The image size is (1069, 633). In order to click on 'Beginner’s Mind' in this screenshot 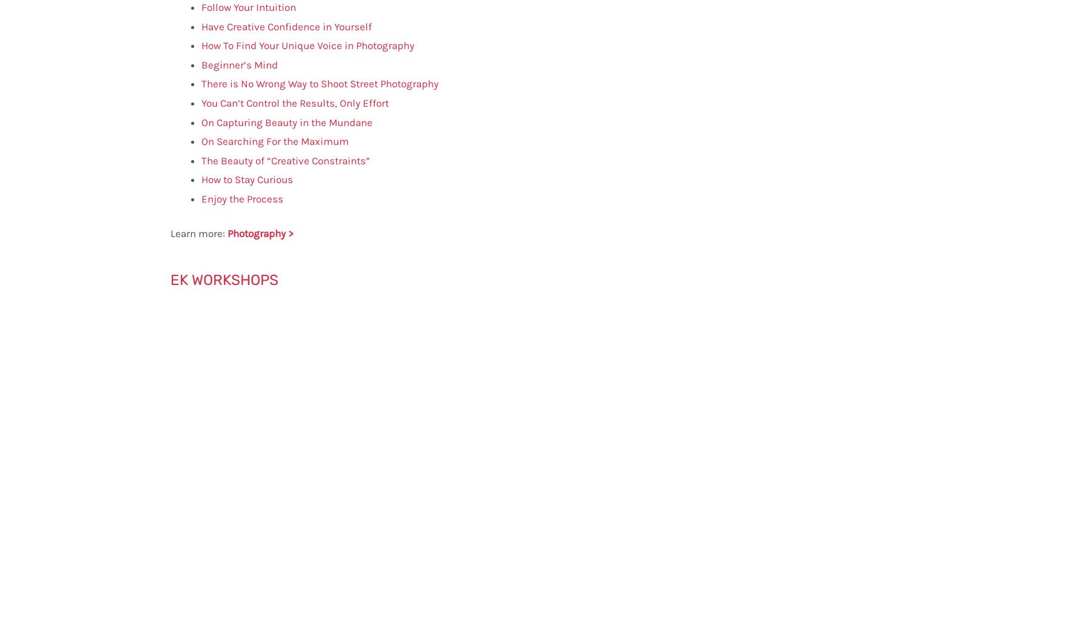, I will do `click(240, 64)`.